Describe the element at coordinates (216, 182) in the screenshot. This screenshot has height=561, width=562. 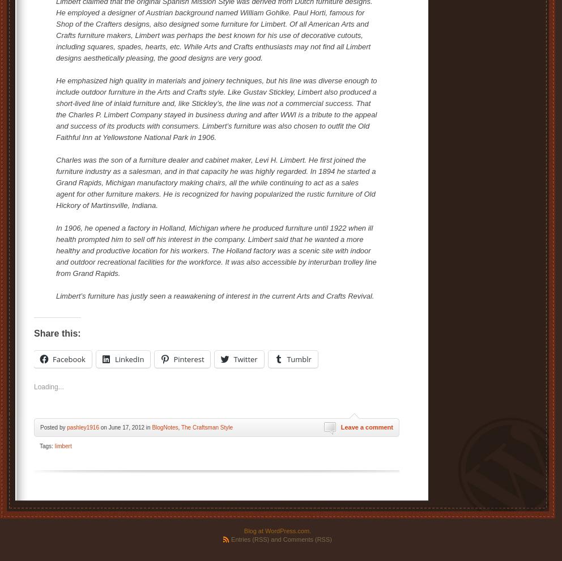
I see `'Charles was the son of a furniture dealer and cabinet maker, Levi H. Limbert. He first joined the furniture industry as a salesman, and in that capacity he was highly regarded. In 1894 he started a Grand Rapids, Michigan manufactory making chairs, all the while continuing to act as a sales agent for other furniture makers. He is recognized for having popularized the rustic furniture of Old Hickory of Martinsville, Indiana.'` at that location.